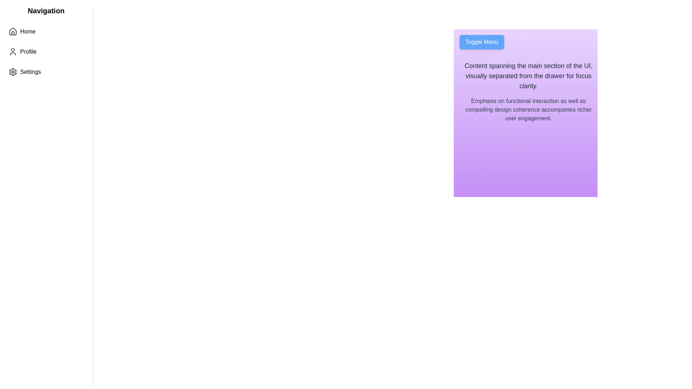  I want to click on the 'Settings' label in the sidebar navigation menu, positioned as the third item below 'Home' and 'Profile', to identify the configuration options, so click(30, 72).